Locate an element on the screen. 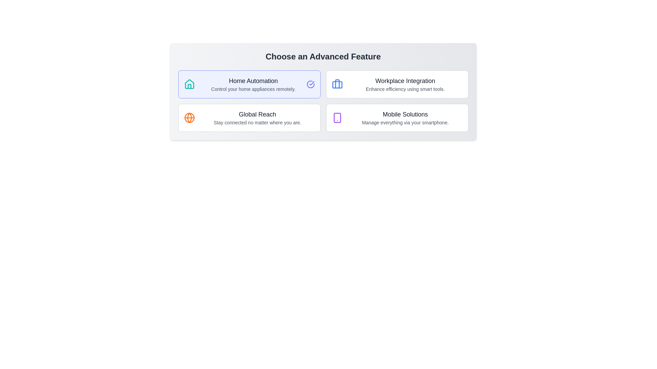  the 'Global Reach' text label, which is prominently displayed in a large, bold font in the bottom-left quadrant of the interface is located at coordinates (257, 114).